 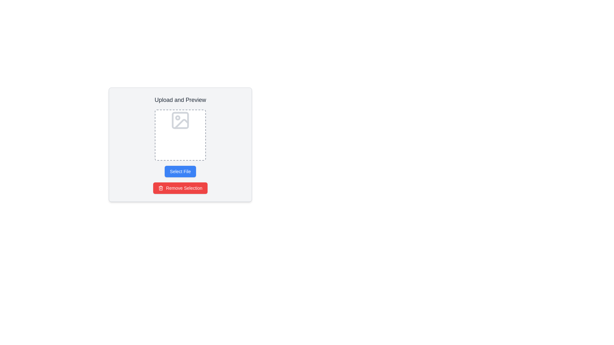 I want to click on the button located beneath the 'Select File' button, which removes or clears a selection made by the user in the interface, so click(x=180, y=188).